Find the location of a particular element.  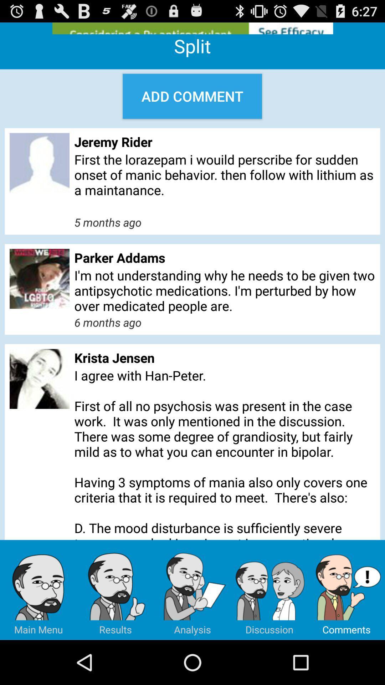

icon below the i agree with icon is located at coordinates (38, 590).